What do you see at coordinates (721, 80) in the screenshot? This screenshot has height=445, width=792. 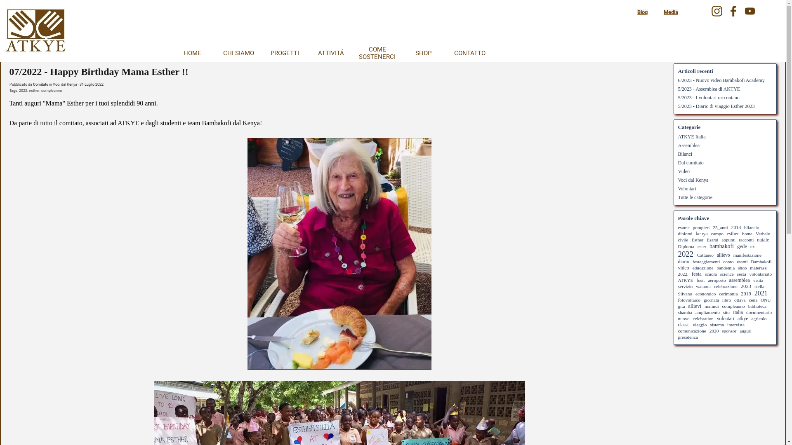 I see `'6/2023 - Nuovo video Bambakofi Academy'` at bounding box center [721, 80].